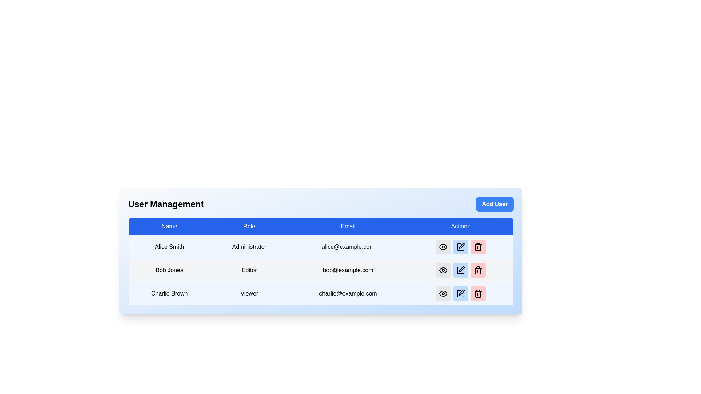  Describe the element at coordinates (461, 269) in the screenshot. I see `the edit icon (pen-like icon) in the Actions column for user 'Bob Jones' to initiate an edit action` at that location.